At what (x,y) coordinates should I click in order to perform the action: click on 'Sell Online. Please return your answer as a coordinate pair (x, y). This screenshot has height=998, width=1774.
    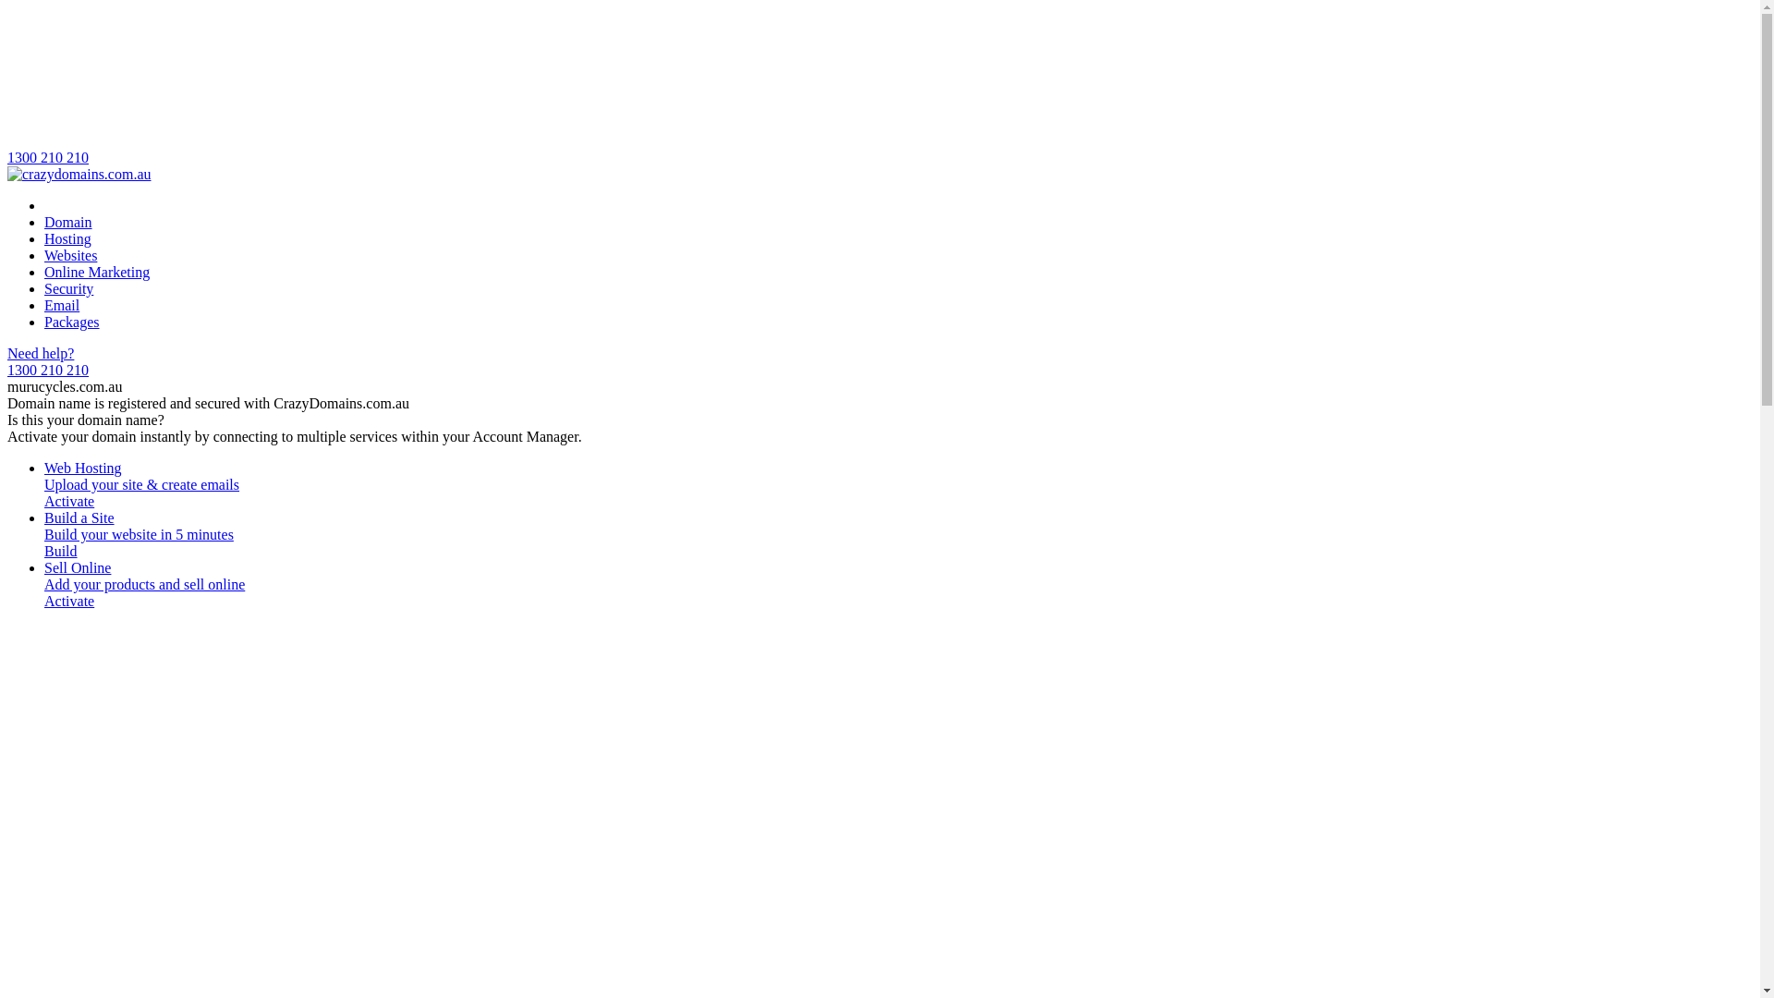
    Looking at the image, I should click on (898, 584).